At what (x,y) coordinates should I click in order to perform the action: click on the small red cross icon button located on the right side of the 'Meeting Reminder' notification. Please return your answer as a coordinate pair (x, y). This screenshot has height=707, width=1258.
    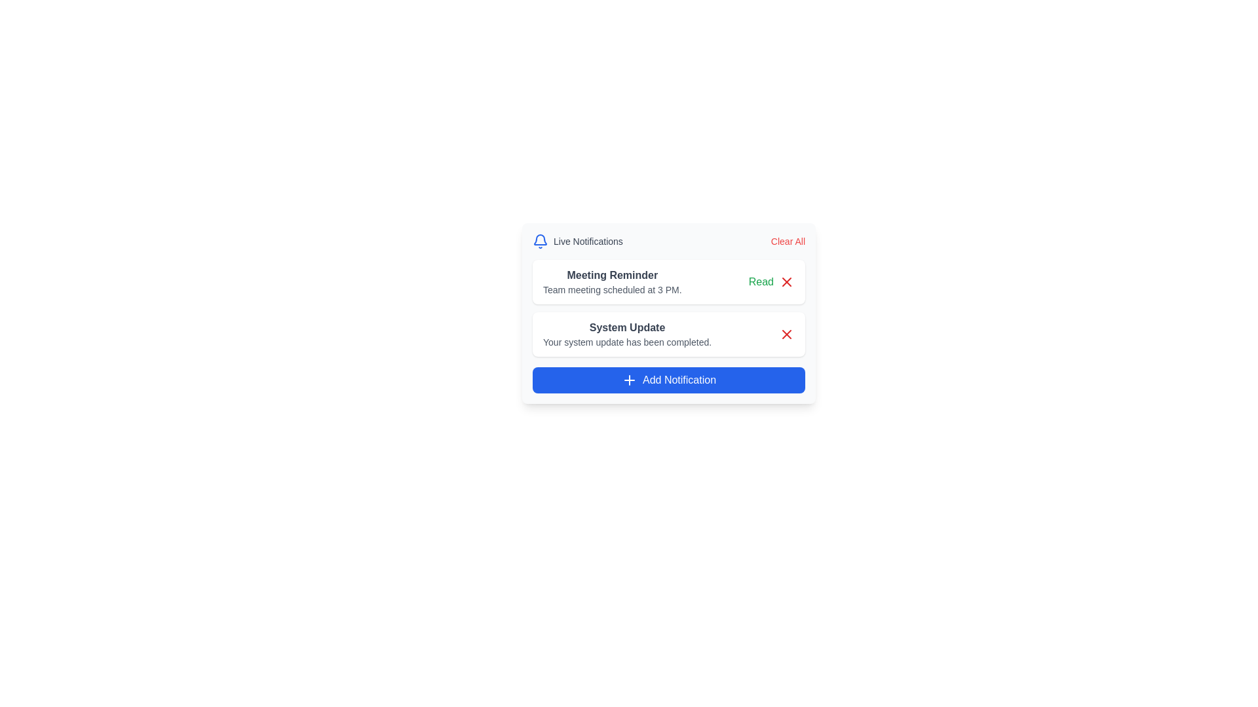
    Looking at the image, I should click on (786, 281).